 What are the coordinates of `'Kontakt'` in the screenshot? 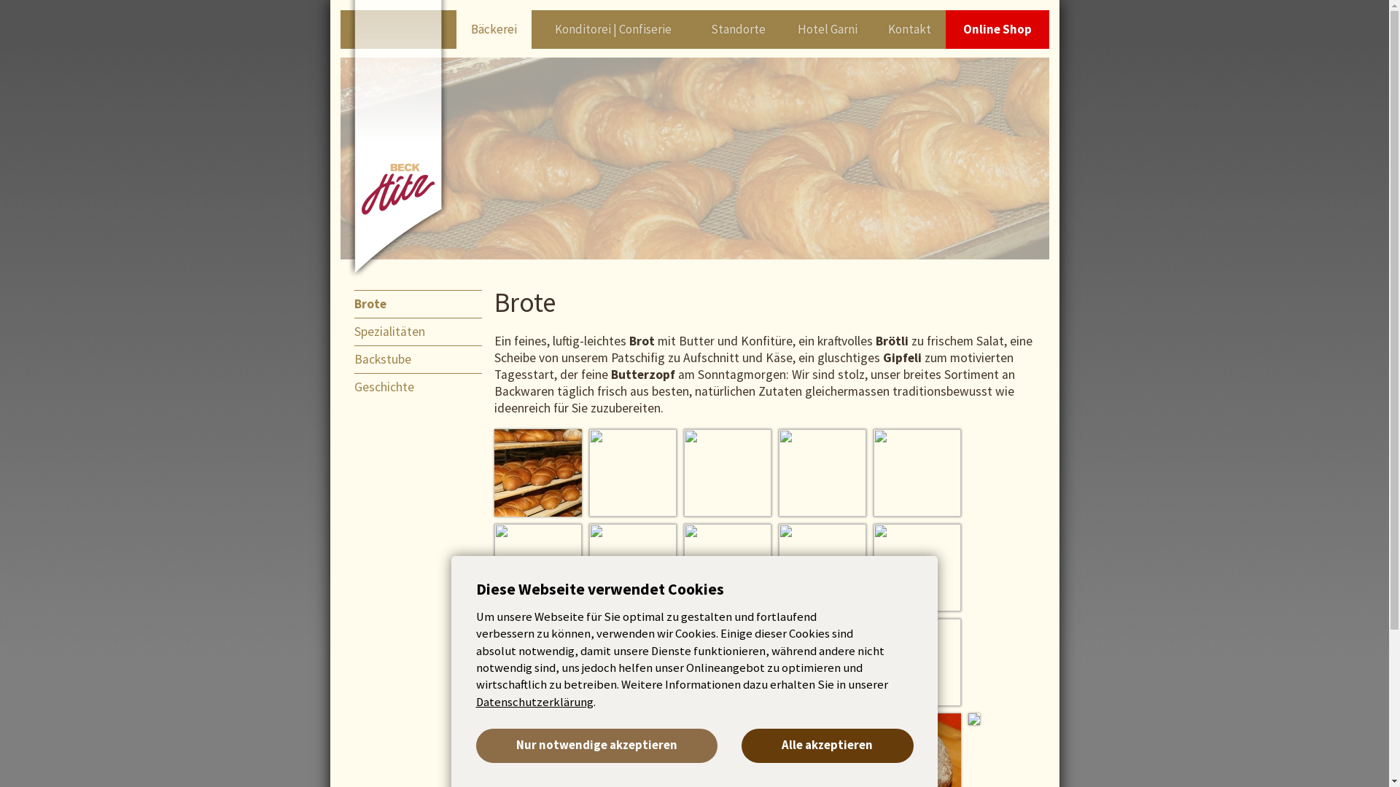 It's located at (874, 29).